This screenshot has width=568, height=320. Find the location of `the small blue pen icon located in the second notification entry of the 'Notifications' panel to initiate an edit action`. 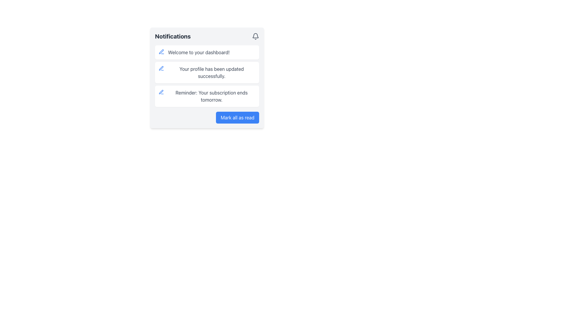

the small blue pen icon located in the second notification entry of the 'Notifications' panel to initiate an edit action is located at coordinates (161, 68).